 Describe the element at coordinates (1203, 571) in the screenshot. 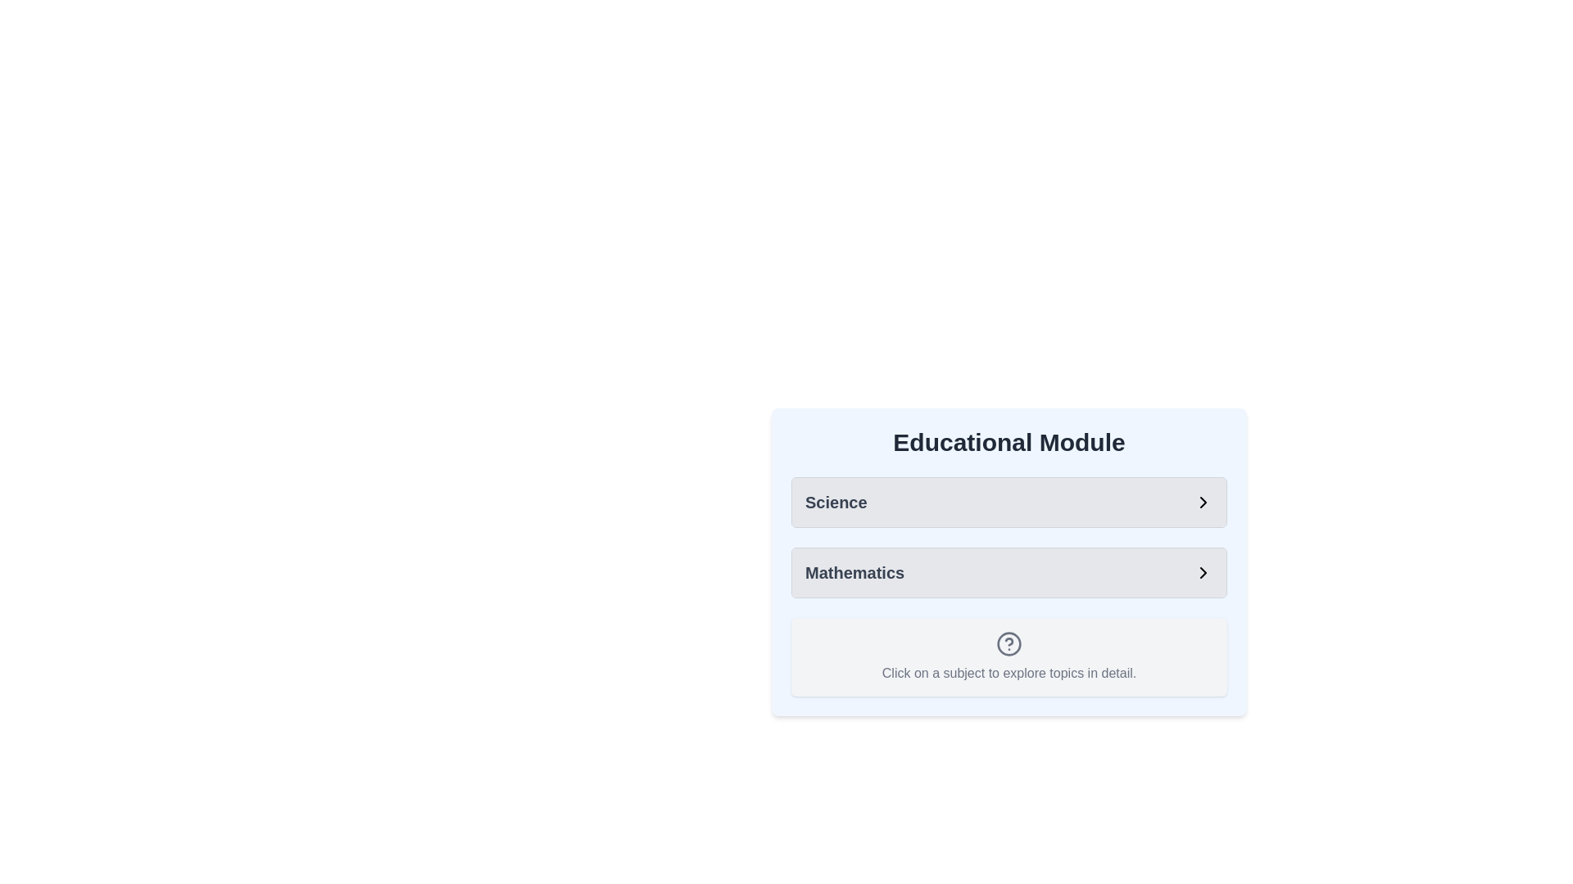

I see `the right-facing chevron icon with a black outline next to the 'Mathematics' menu item in the educational module interface` at that location.